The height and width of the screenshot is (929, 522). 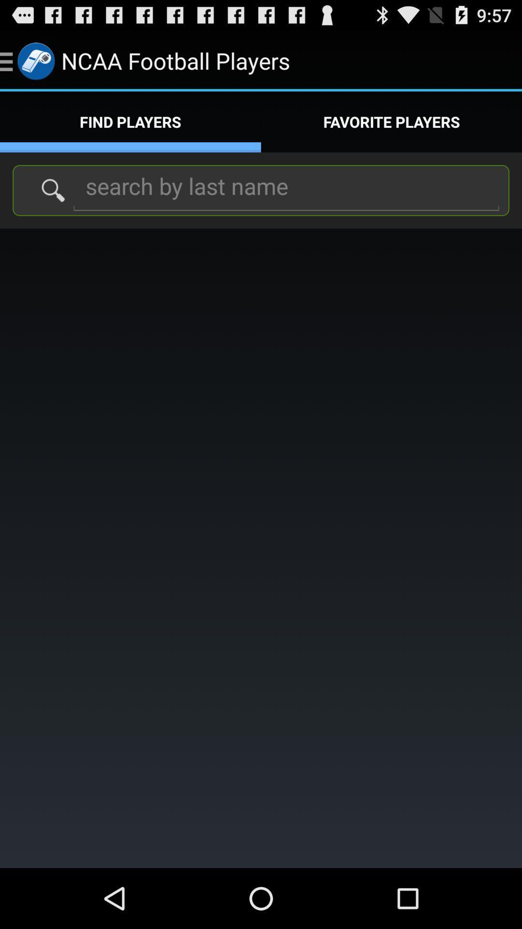 I want to click on the icon next to find players app, so click(x=391, y=121).